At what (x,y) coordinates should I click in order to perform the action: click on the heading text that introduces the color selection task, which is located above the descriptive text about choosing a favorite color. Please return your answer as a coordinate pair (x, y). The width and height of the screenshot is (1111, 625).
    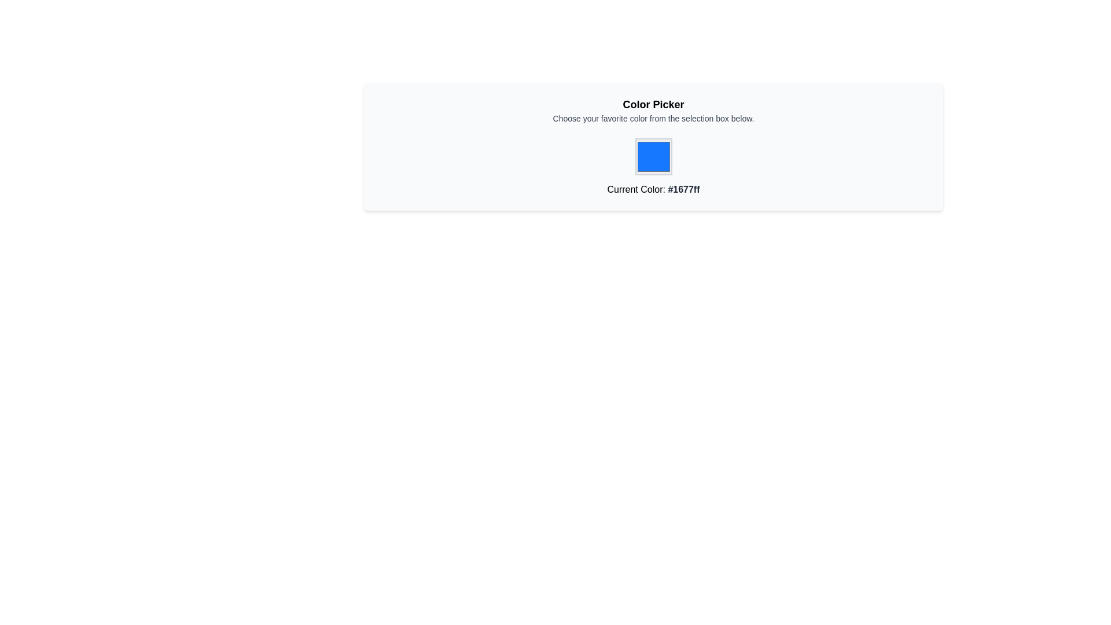
    Looking at the image, I should click on (653, 105).